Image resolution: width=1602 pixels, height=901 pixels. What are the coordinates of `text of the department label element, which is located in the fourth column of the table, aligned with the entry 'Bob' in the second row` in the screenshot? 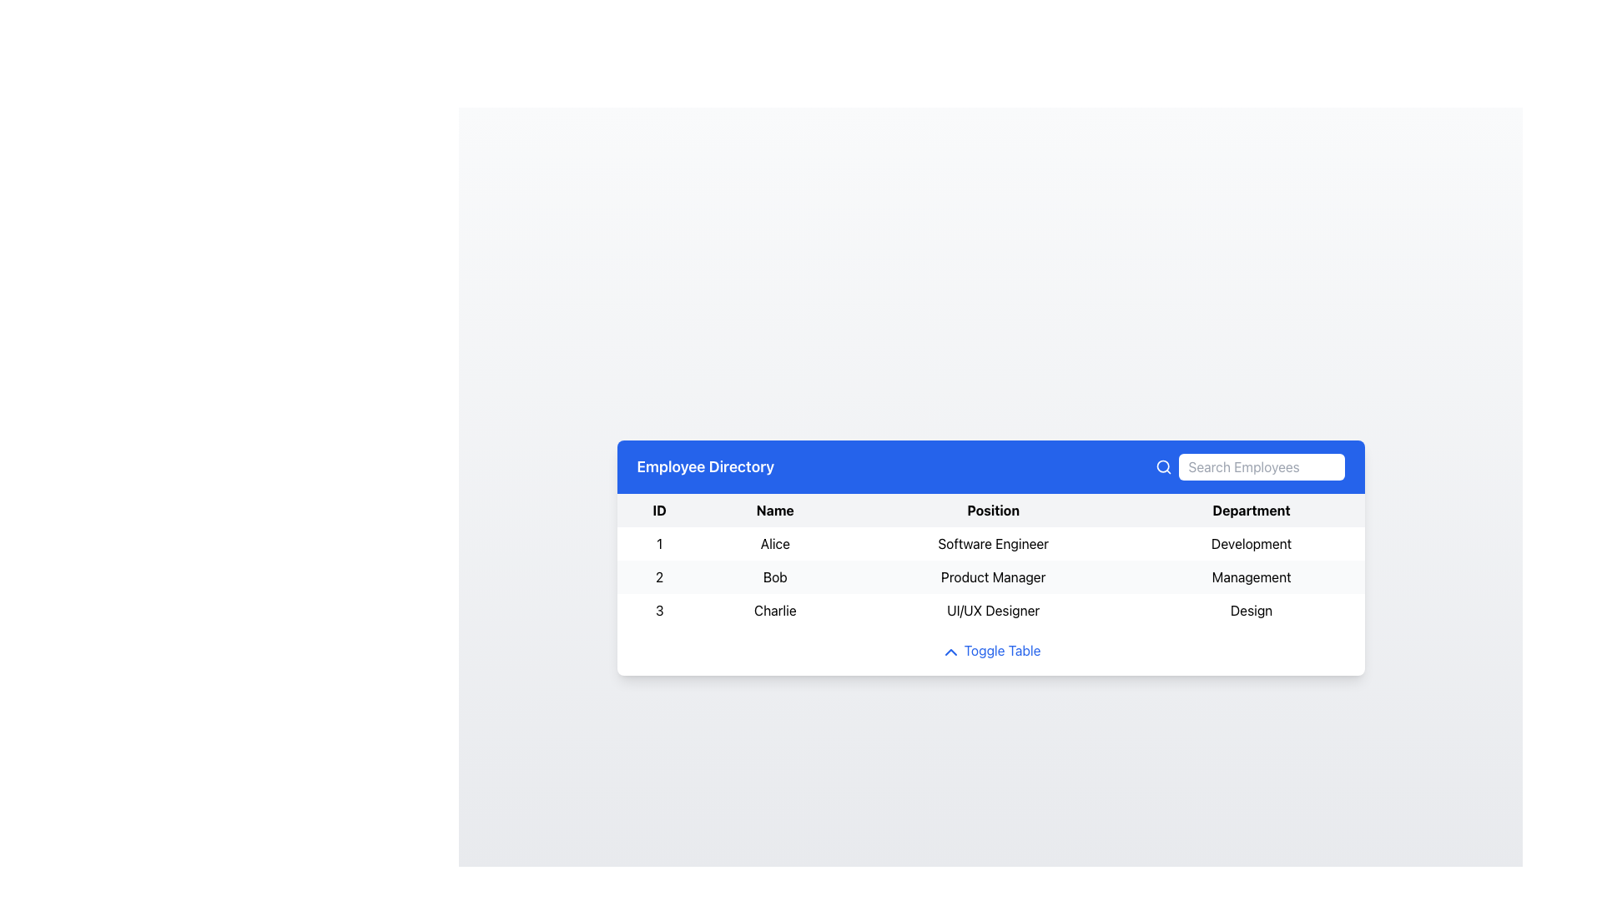 It's located at (1252, 576).